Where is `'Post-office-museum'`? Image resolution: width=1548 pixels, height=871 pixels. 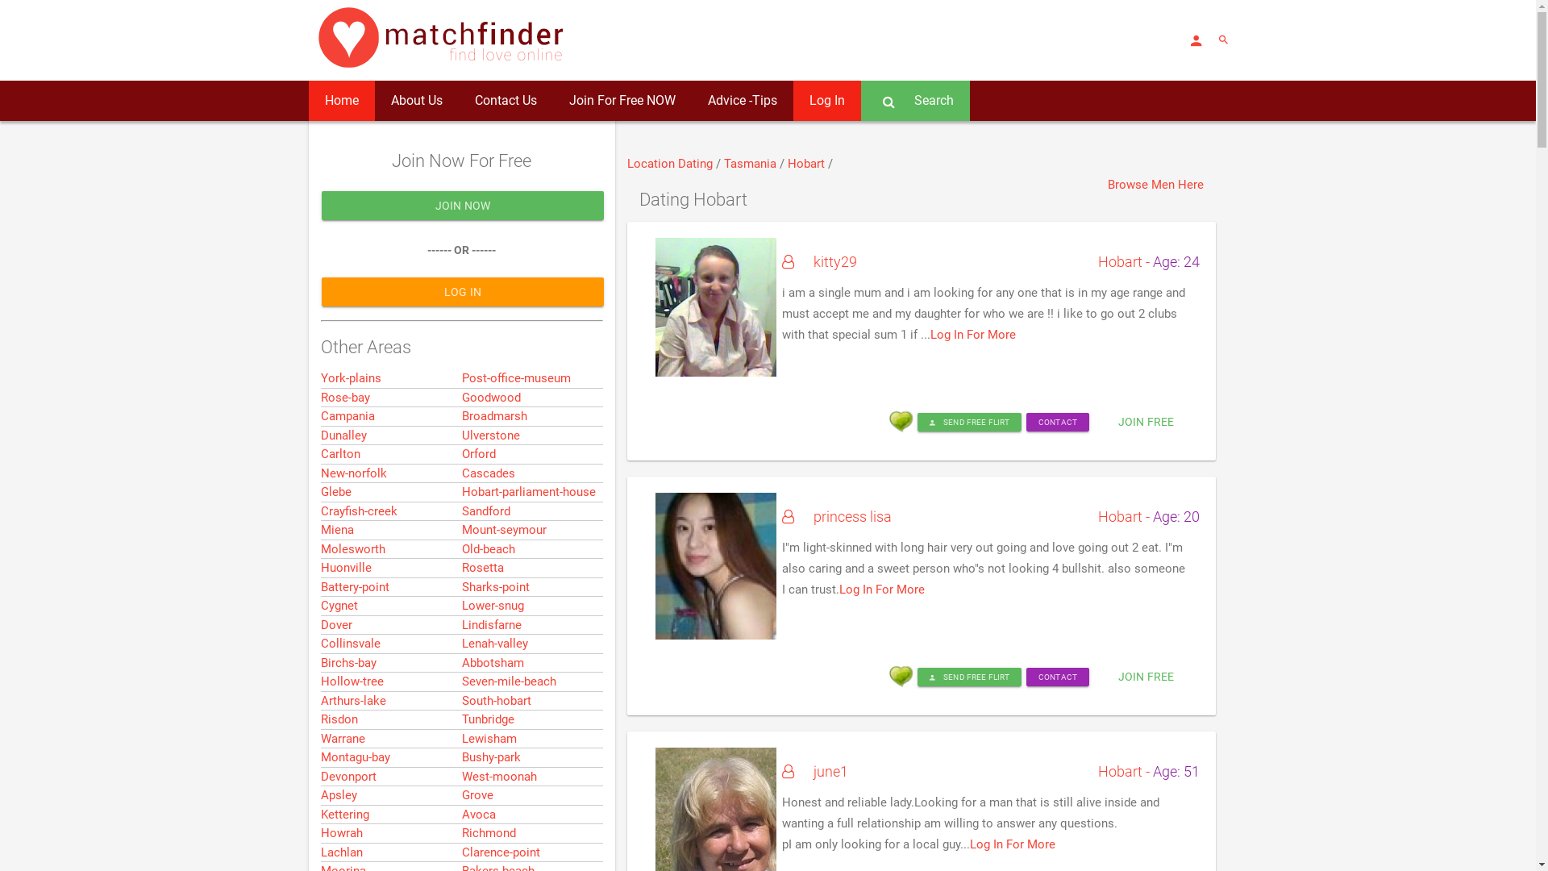
'Post-office-museum' is located at coordinates (460, 378).